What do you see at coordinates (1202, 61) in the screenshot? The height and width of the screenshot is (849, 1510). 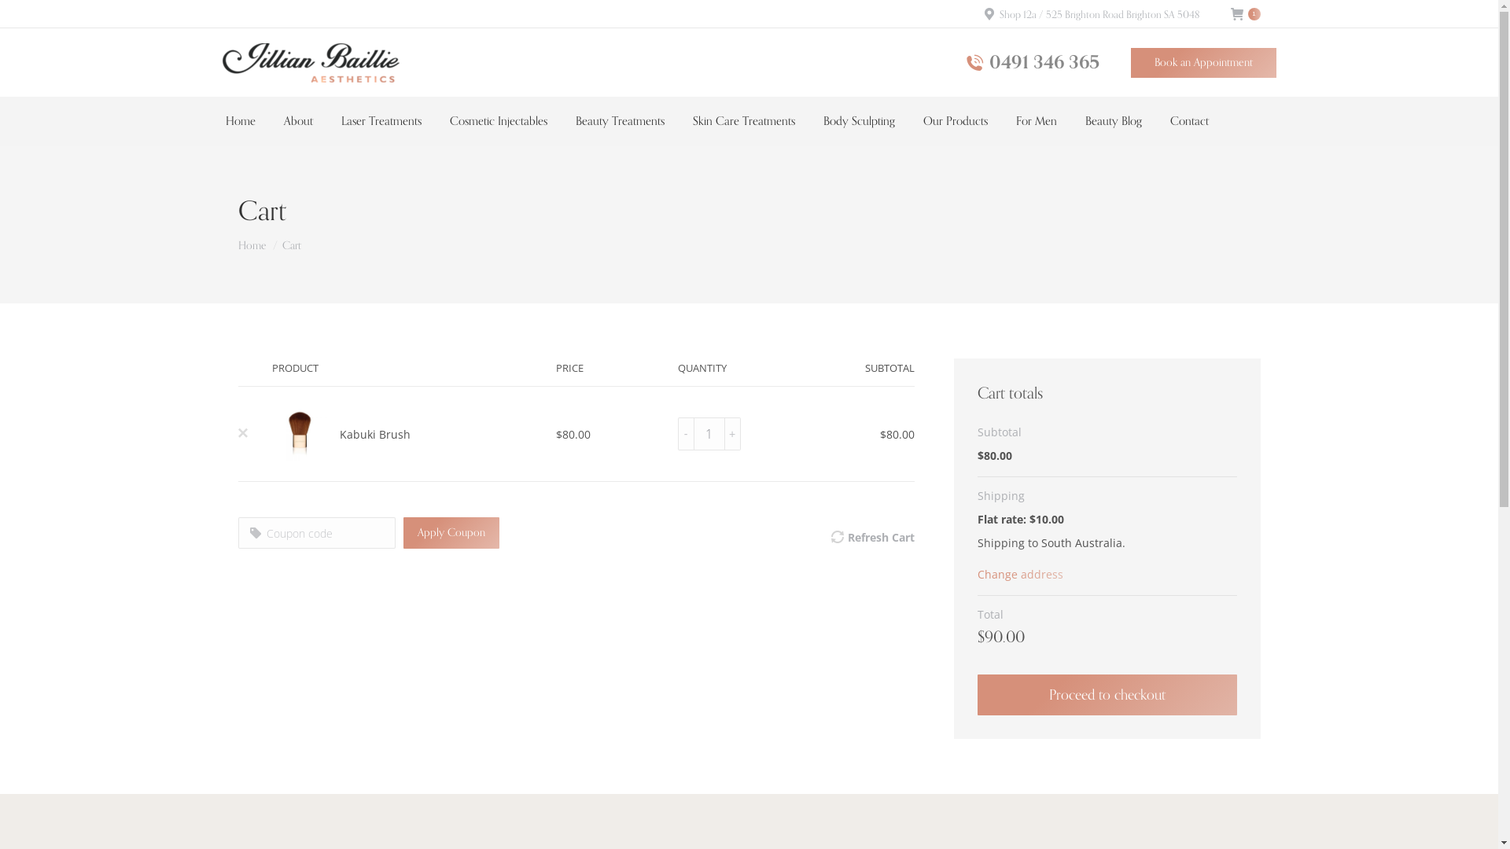 I see `'Book an Appointment'` at bounding box center [1202, 61].